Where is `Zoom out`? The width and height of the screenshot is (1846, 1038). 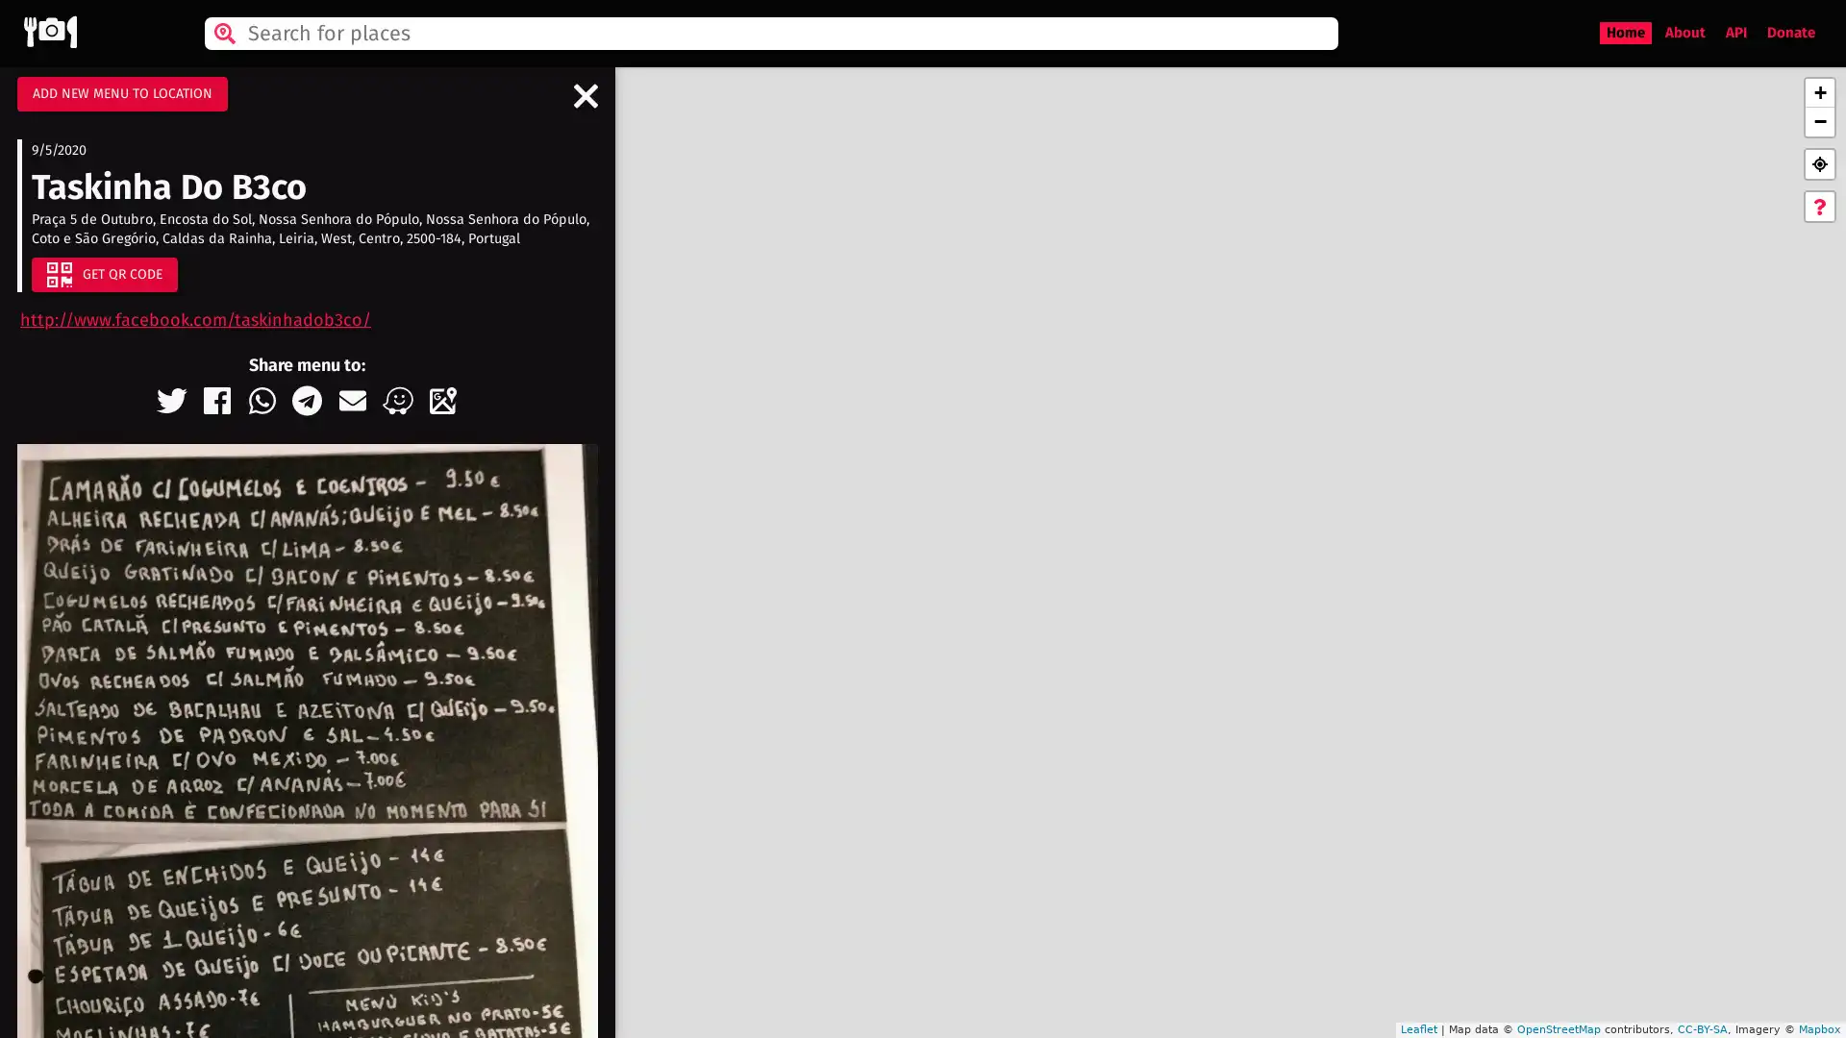
Zoom out is located at coordinates (1818, 122).